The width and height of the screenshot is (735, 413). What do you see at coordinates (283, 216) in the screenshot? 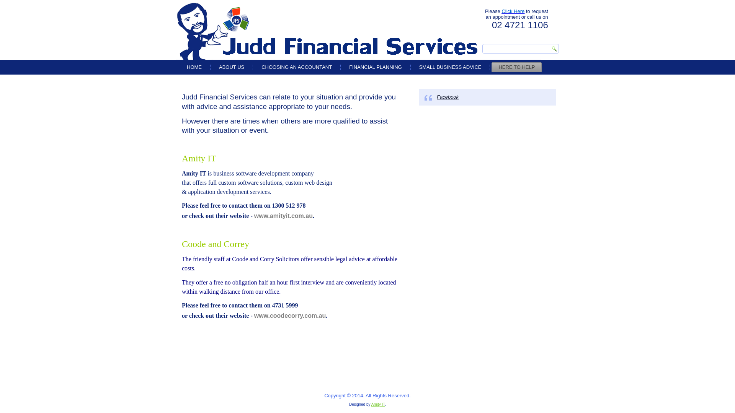
I see `'www.amityit.com.au'` at bounding box center [283, 216].